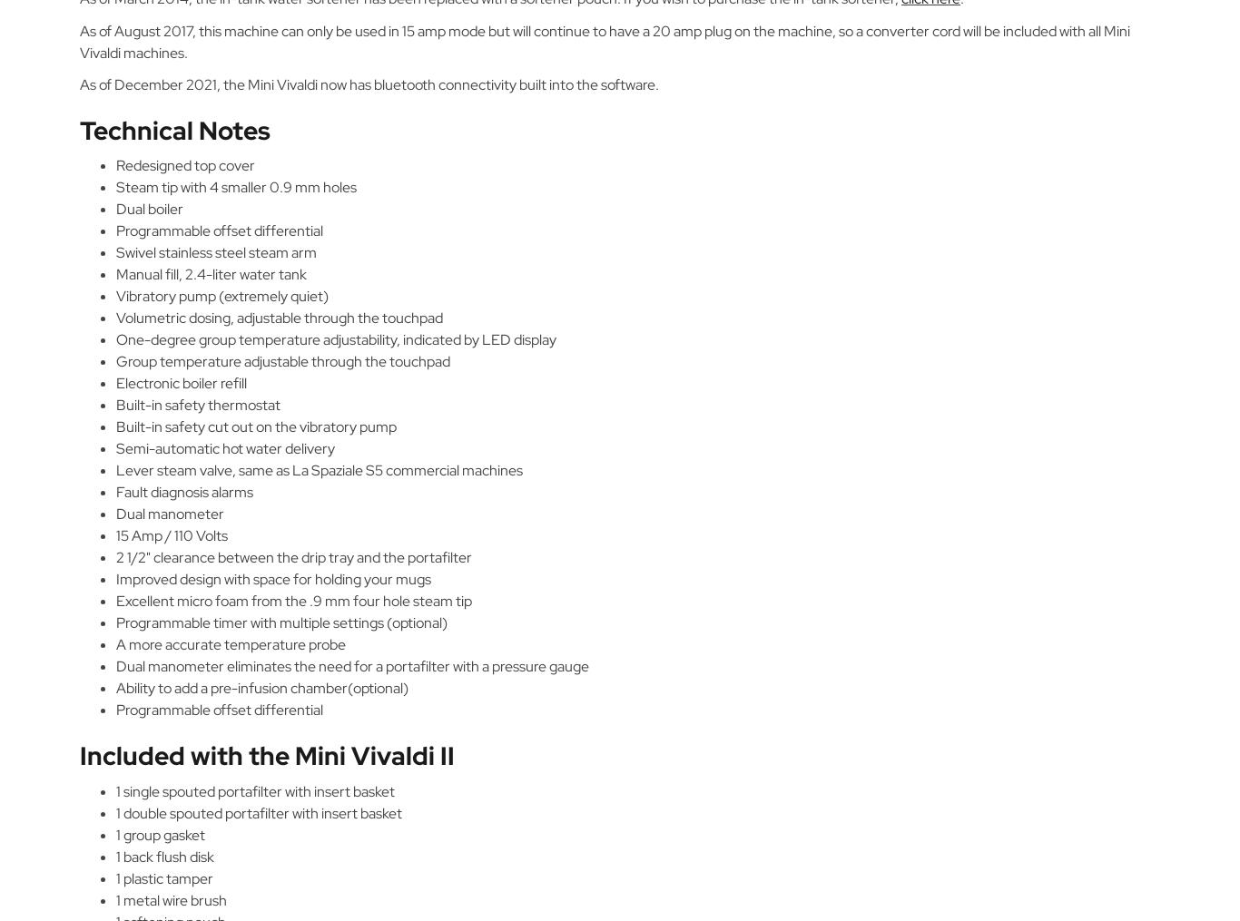 Image resolution: width=1240 pixels, height=921 pixels. What do you see at coordinates (231, 644) in the screenshot?
I see `'A more accurate temperature probe'` at bounding box center [231, 644].